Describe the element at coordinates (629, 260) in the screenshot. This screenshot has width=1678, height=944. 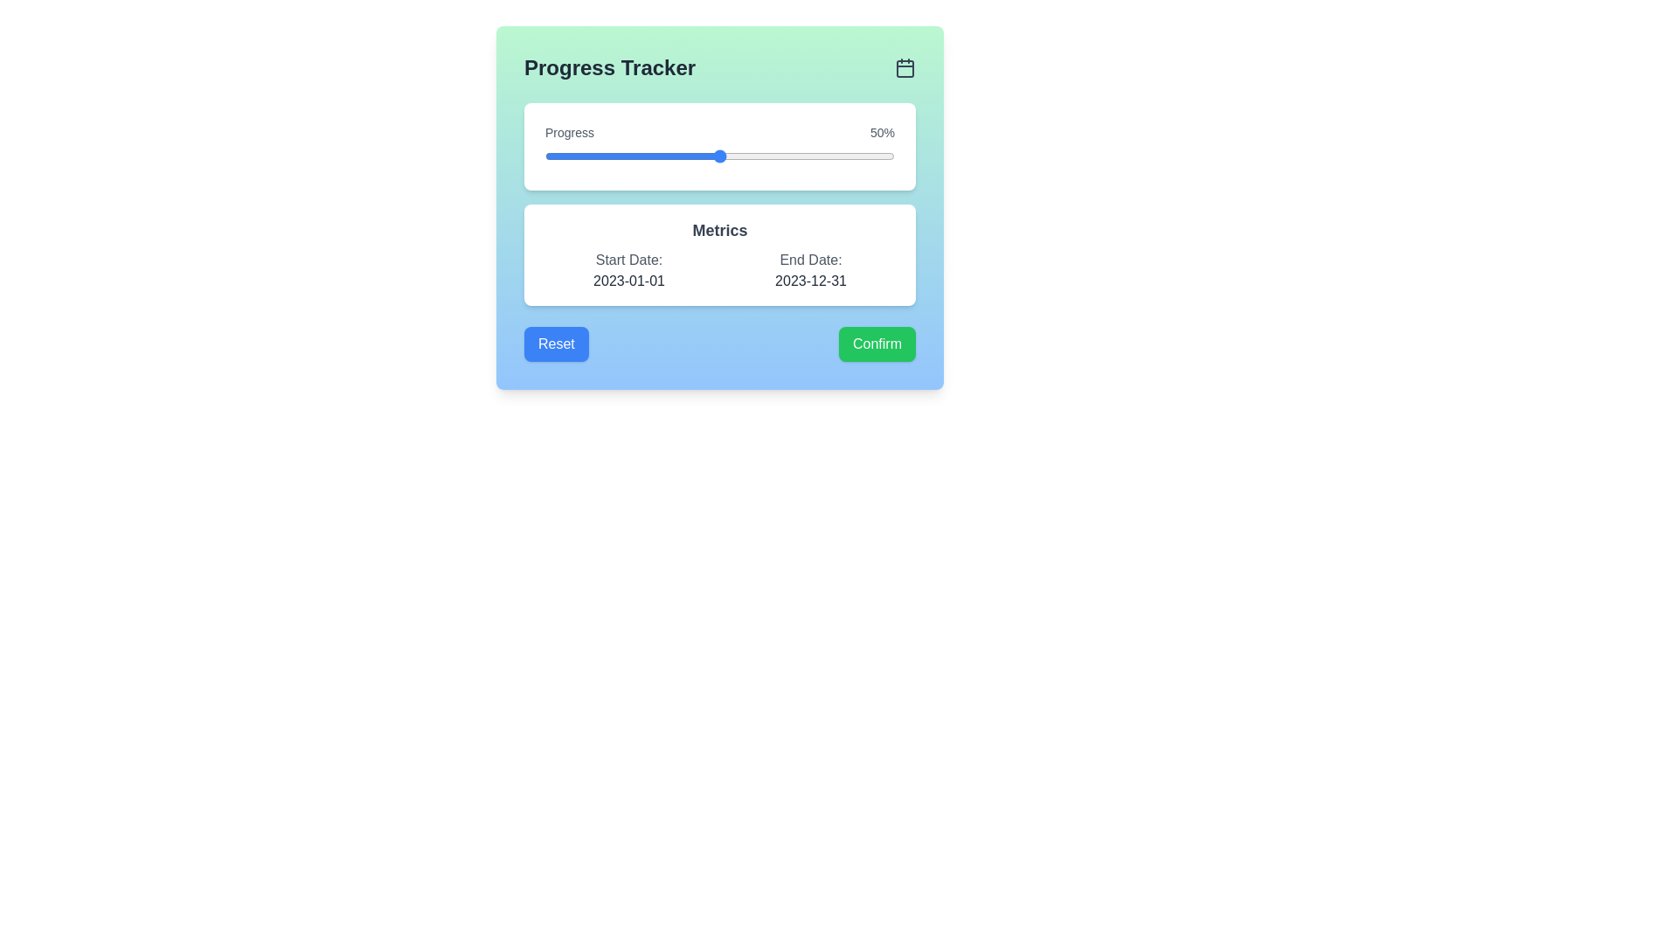
I see `the label indicating the meaning of the adjacent date field, which displays 'Start Date:'` at that location.